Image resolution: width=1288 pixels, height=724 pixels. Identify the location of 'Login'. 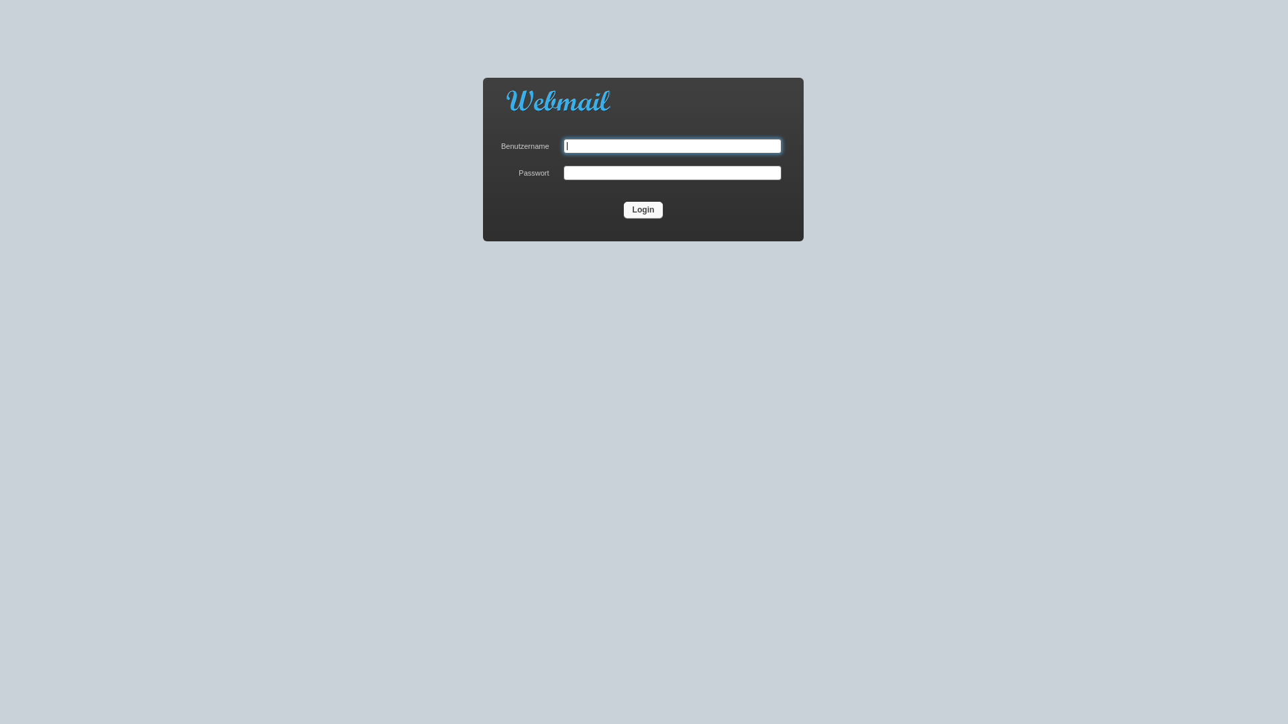
(643, 209).